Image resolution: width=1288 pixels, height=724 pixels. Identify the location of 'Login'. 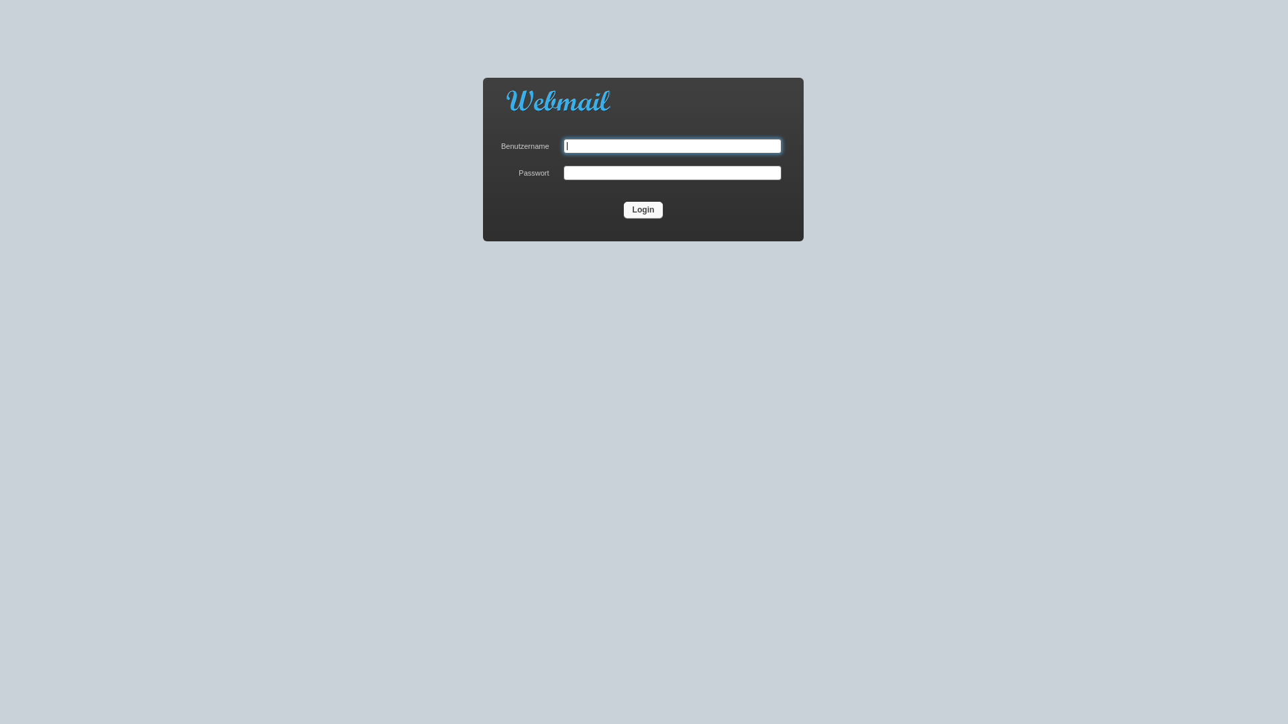
(643, 209).